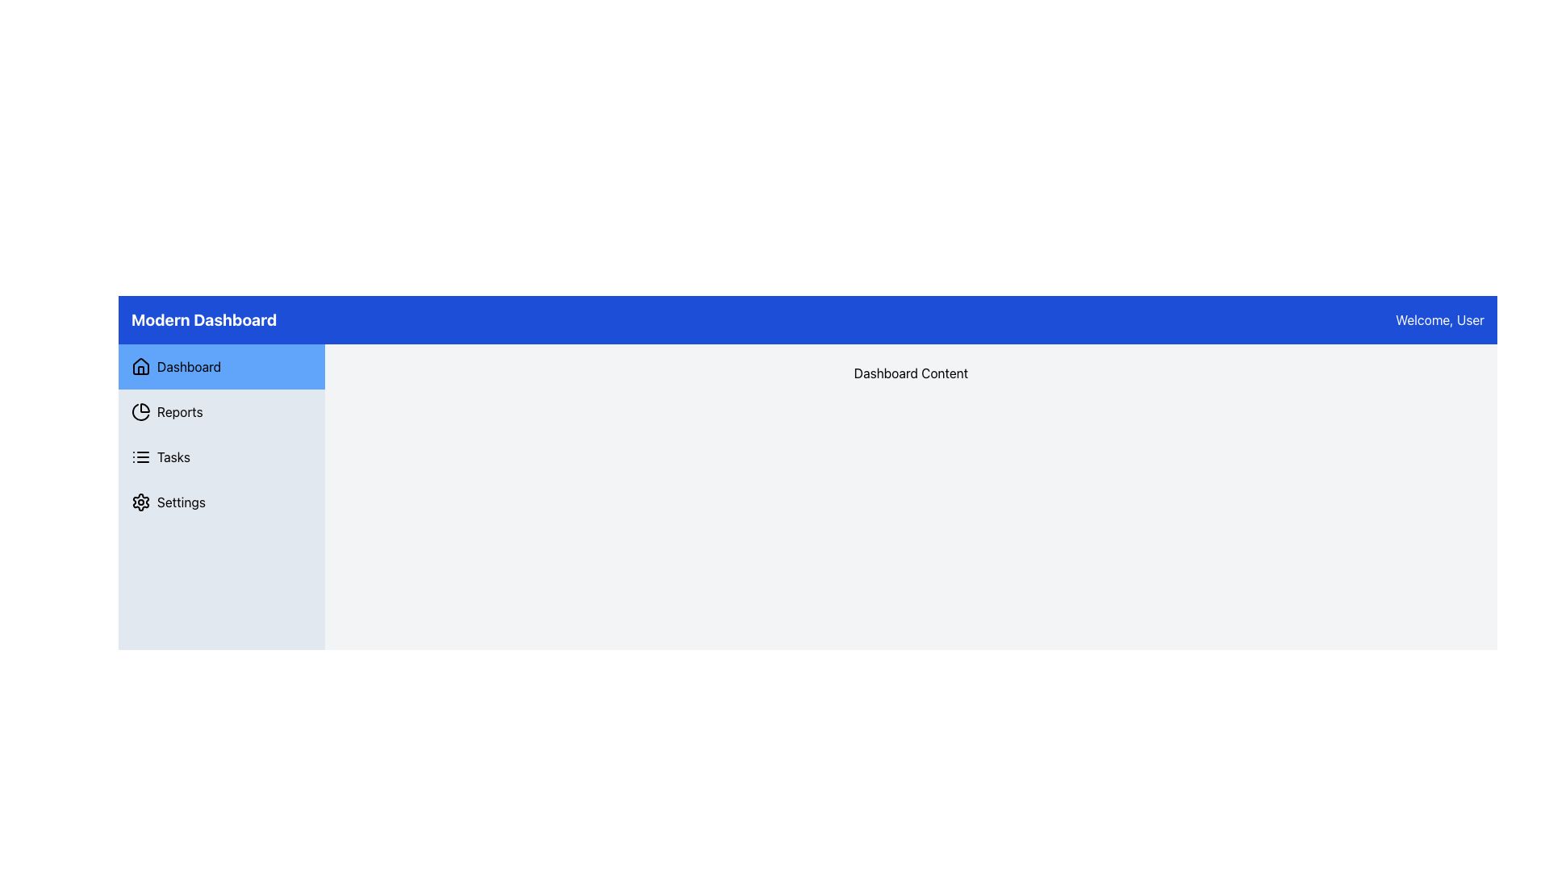 This screenshot has height=871, width=1549. Describe the element at coordinates (203, 320) in the screenshot. I see `the text label that serves as the title or branding for the dashboard interface, positioned at the far left of the top blue header bar` at that location.